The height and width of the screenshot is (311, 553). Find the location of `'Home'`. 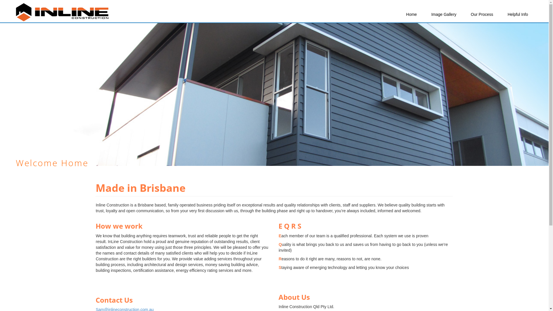

'Home' is located at coordinates (411, 14).